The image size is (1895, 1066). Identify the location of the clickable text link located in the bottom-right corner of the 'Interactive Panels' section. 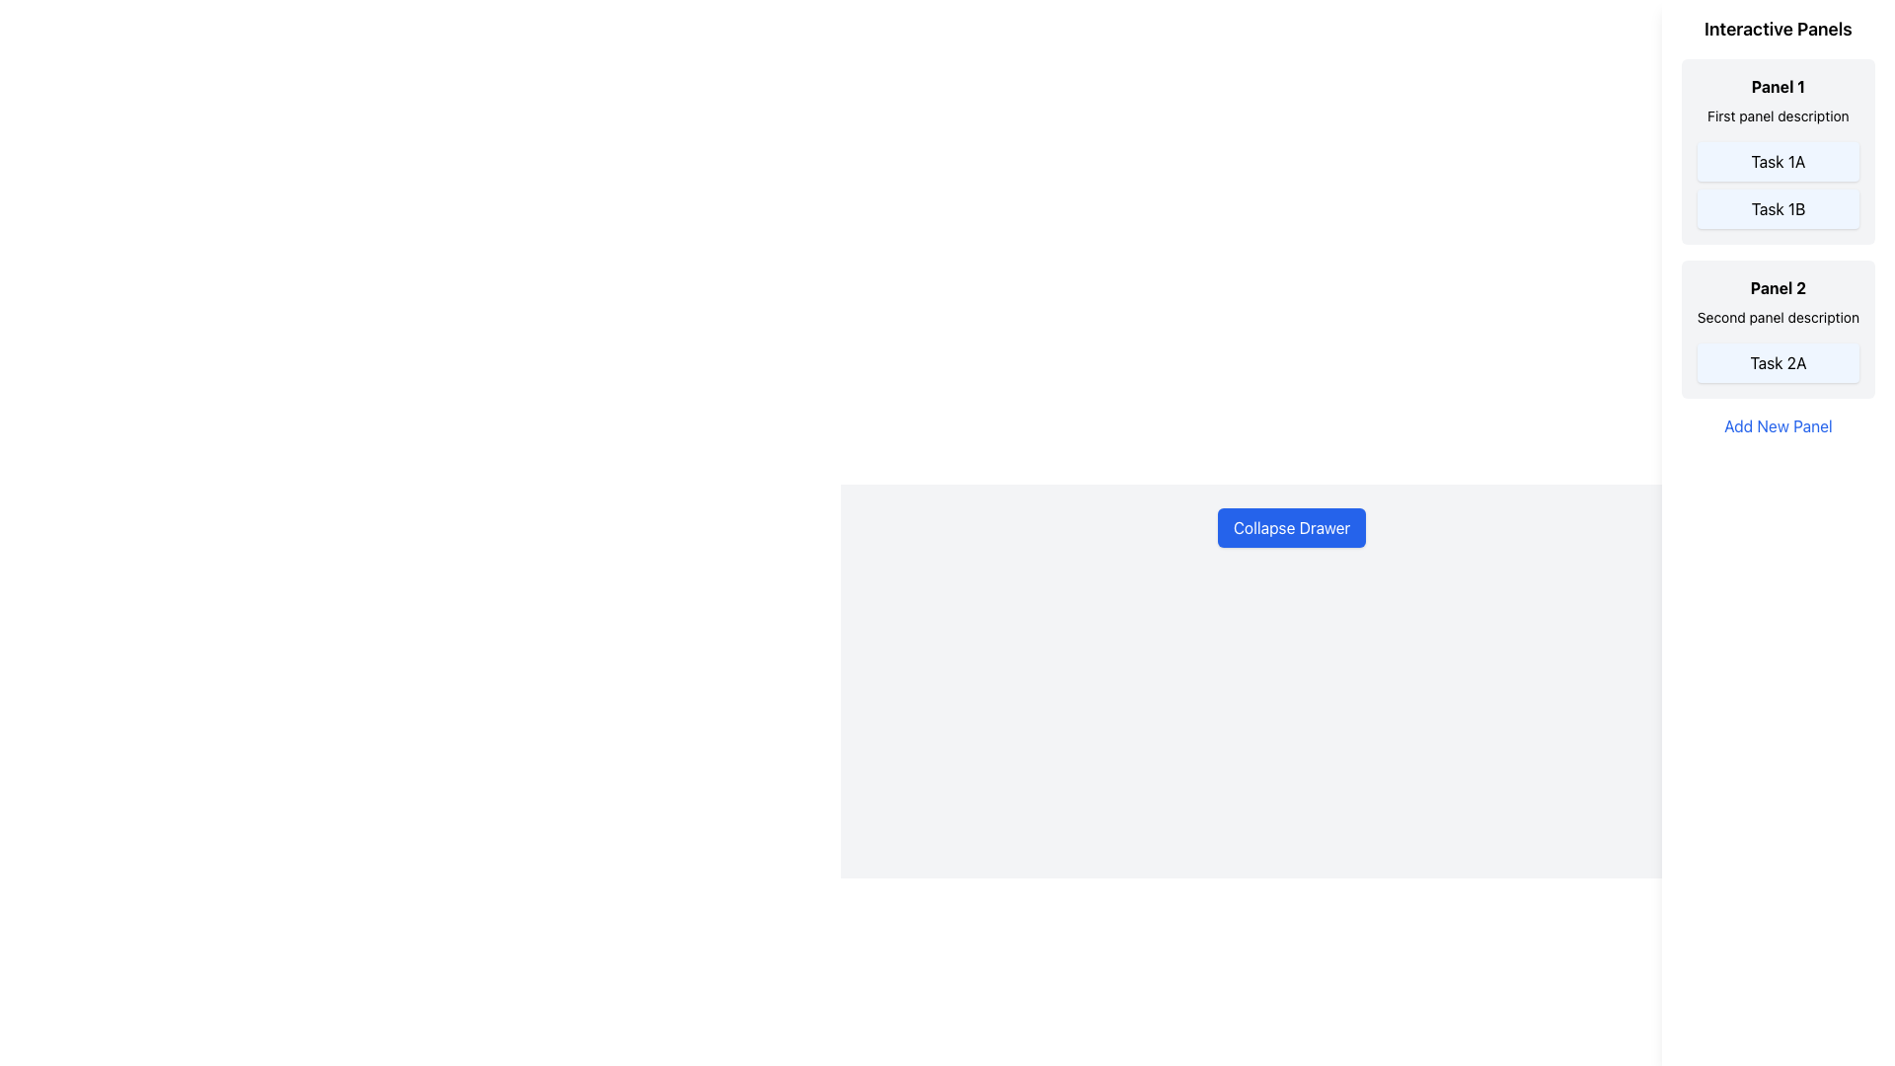
(1778, 425).